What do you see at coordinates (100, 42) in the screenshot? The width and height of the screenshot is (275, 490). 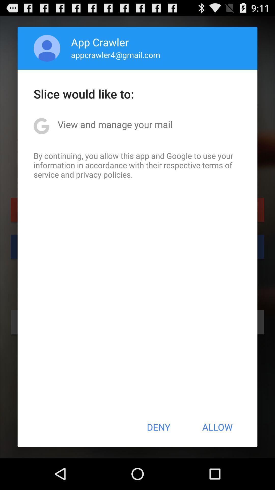 I see `the icon above appcrawler4@gmail.com app` at bounding box center [100, 42].